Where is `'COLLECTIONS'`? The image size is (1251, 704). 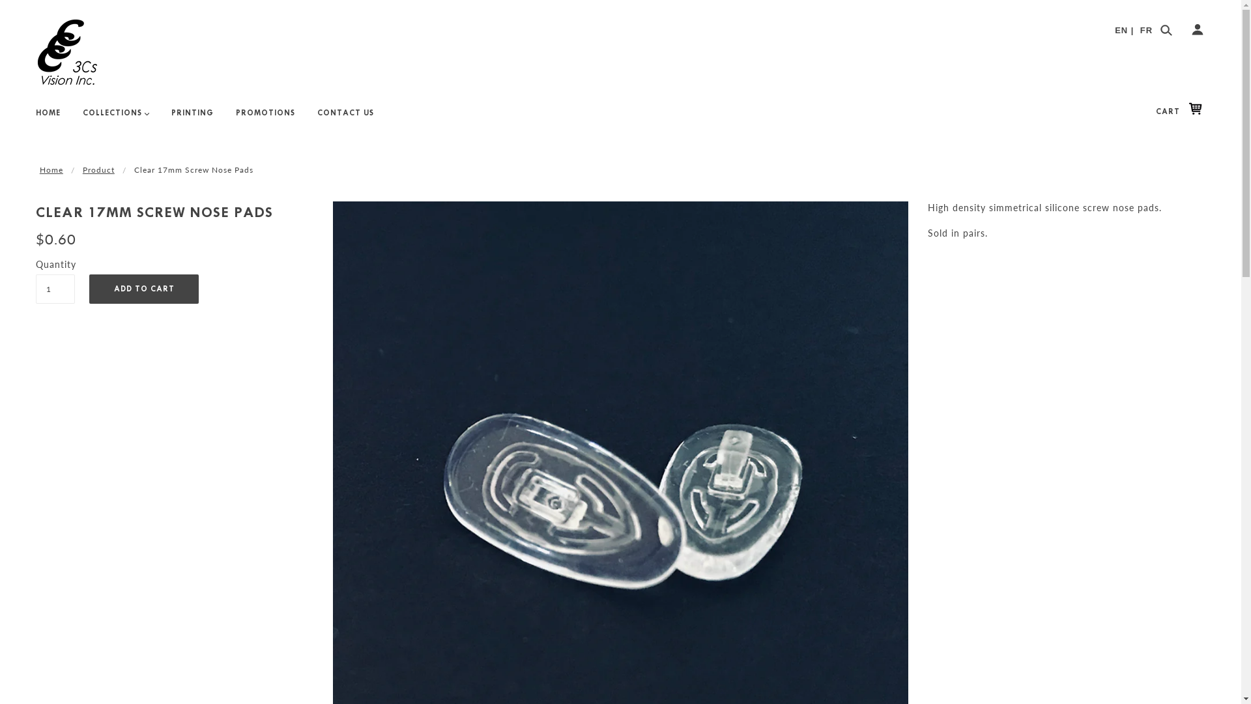
'COLLECTIONS' is located at coordinates (115, 118).